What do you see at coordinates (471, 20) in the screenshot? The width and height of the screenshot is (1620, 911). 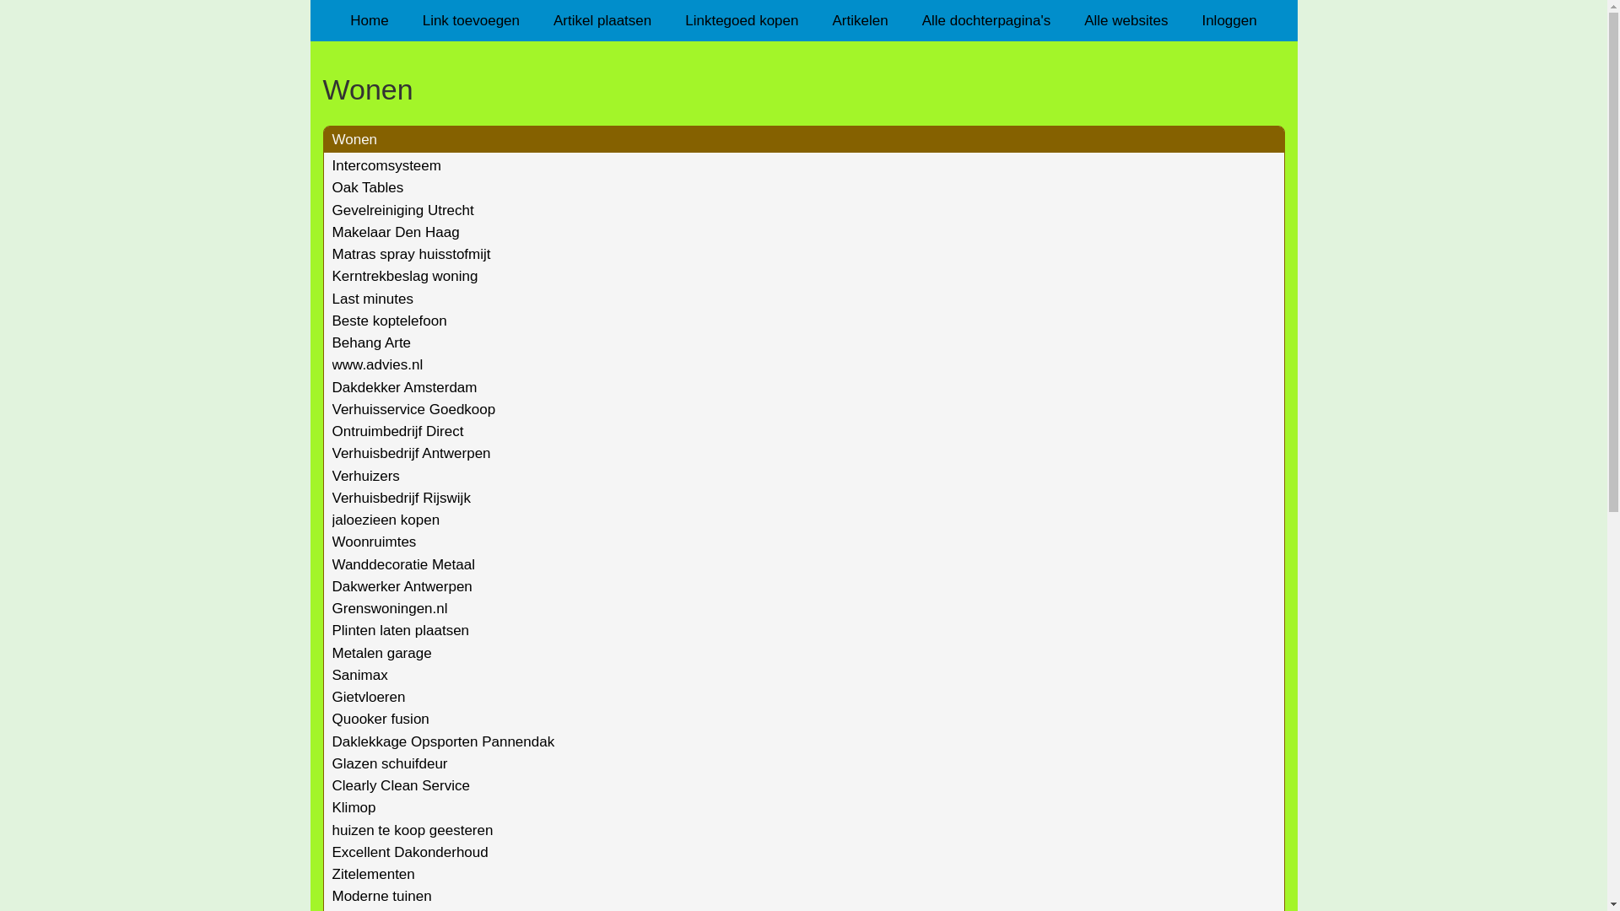 I see `'Link toevoegen'` at bounding box center [471, 20].